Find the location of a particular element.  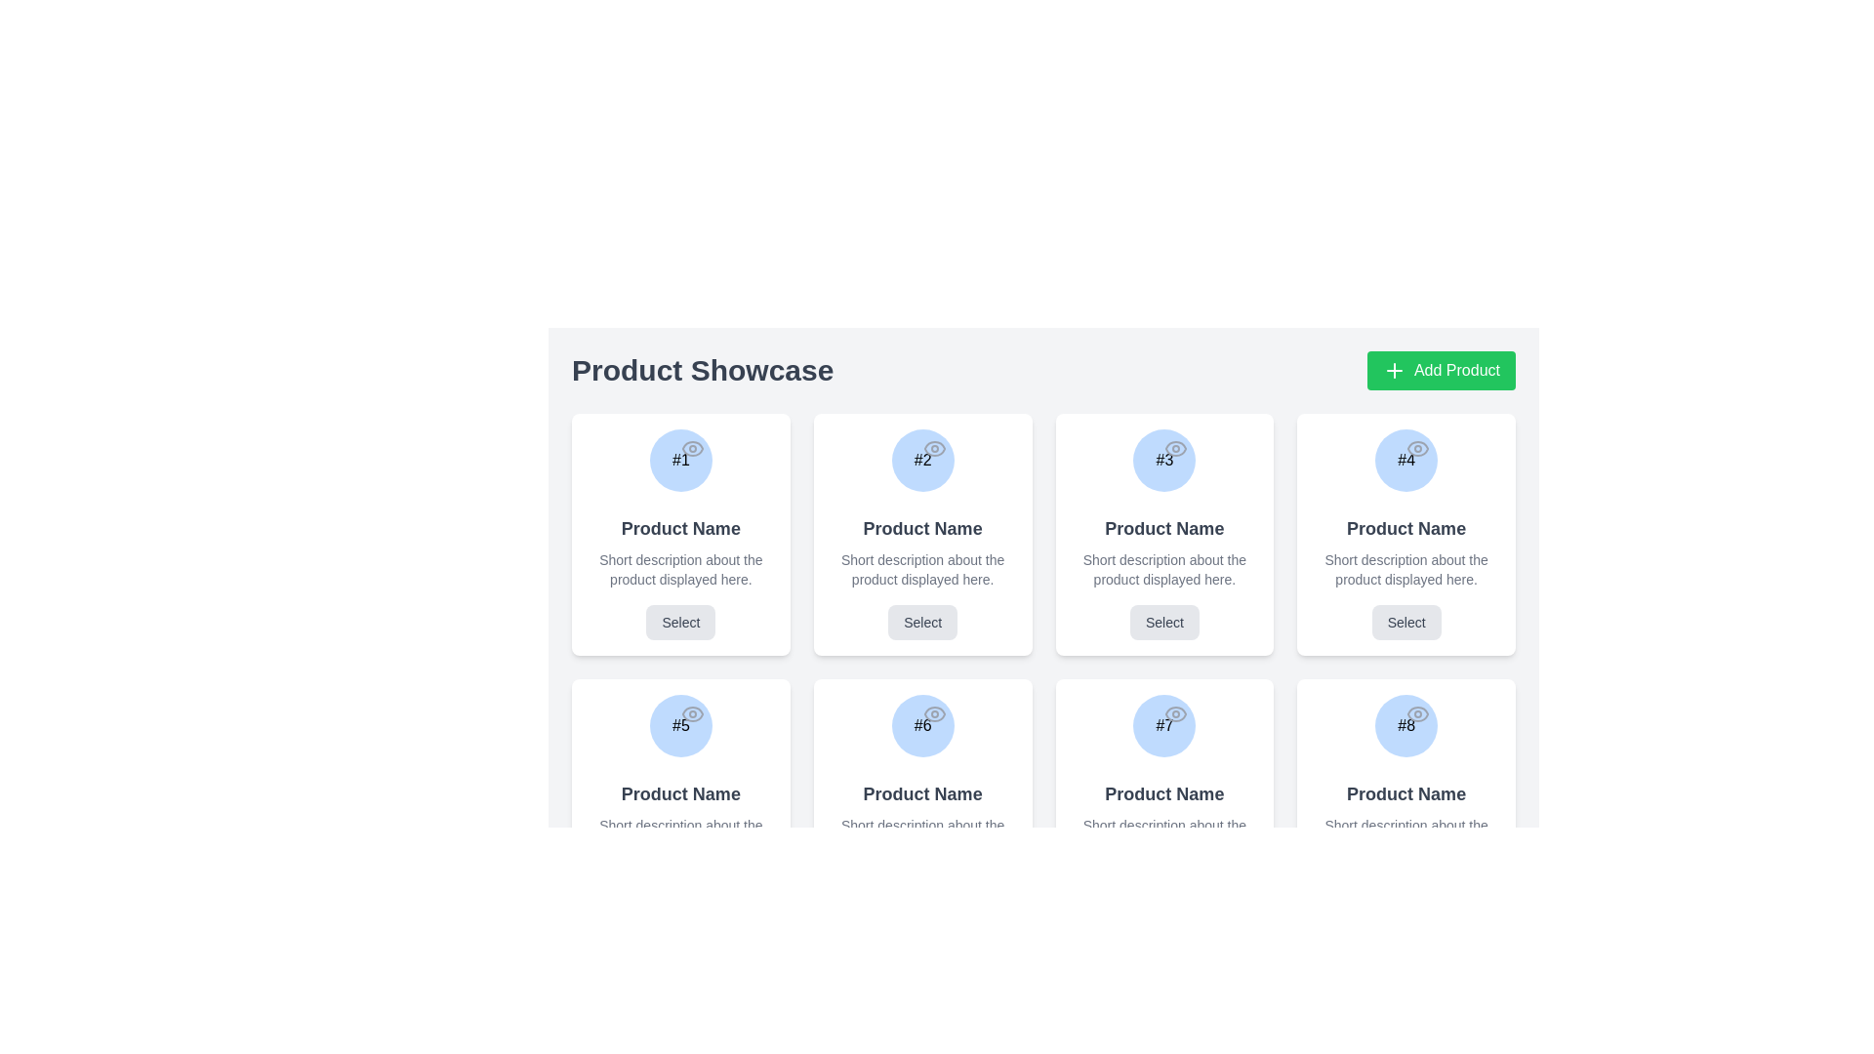

the text label within the circular badge indicating '#3', which is located at the top-center of the interface, third from the left in the first row is located at coordinates (1164, 460).